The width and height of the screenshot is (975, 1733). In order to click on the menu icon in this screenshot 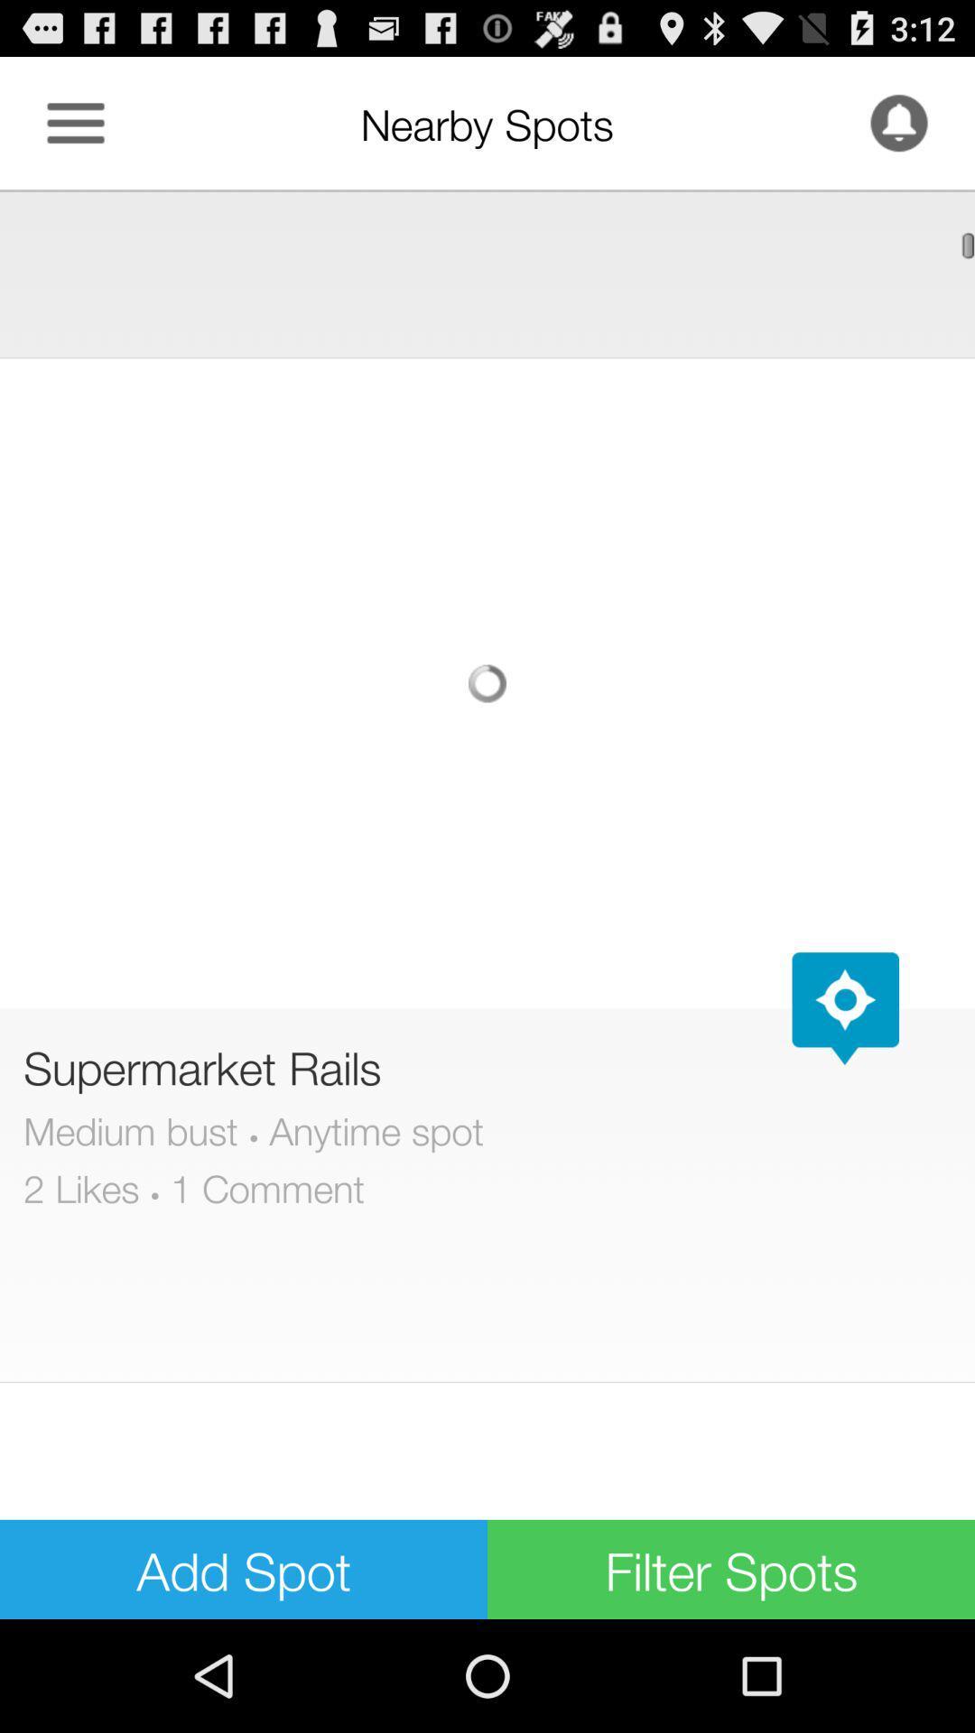, I will do `click(75, 131)`.